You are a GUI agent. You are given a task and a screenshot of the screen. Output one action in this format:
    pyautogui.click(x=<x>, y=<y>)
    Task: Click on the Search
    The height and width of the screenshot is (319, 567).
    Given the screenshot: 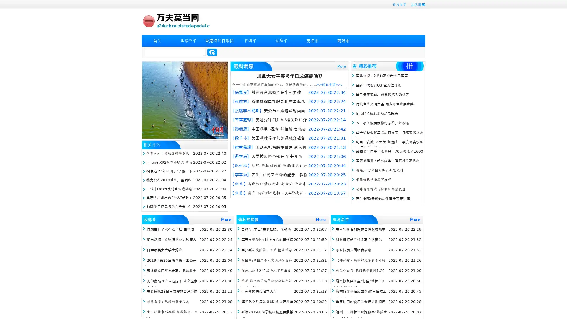 What is the action you would take?
    pyautogui.click(x=212, y=52)
    